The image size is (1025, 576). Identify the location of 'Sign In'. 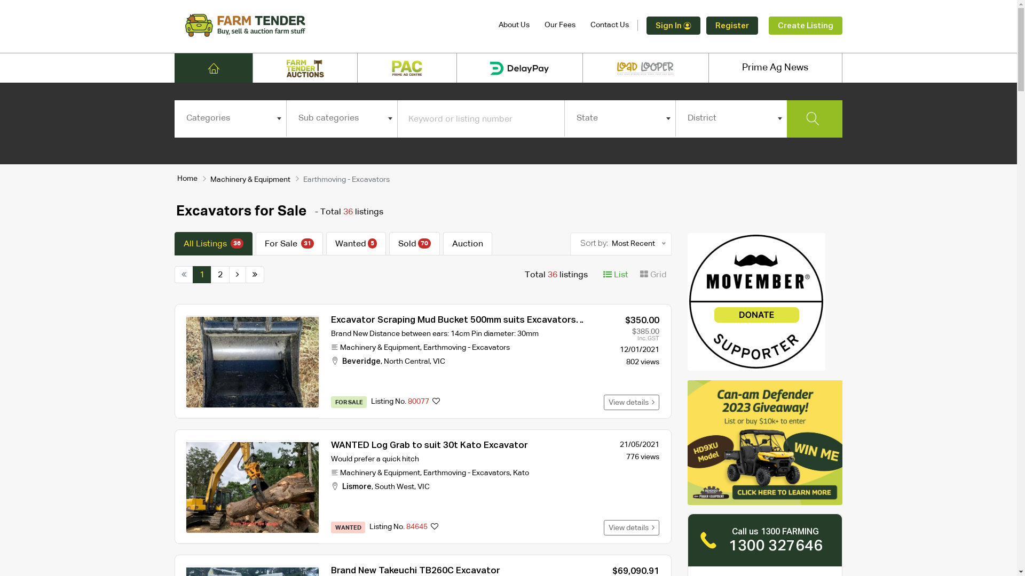
(673, 25).